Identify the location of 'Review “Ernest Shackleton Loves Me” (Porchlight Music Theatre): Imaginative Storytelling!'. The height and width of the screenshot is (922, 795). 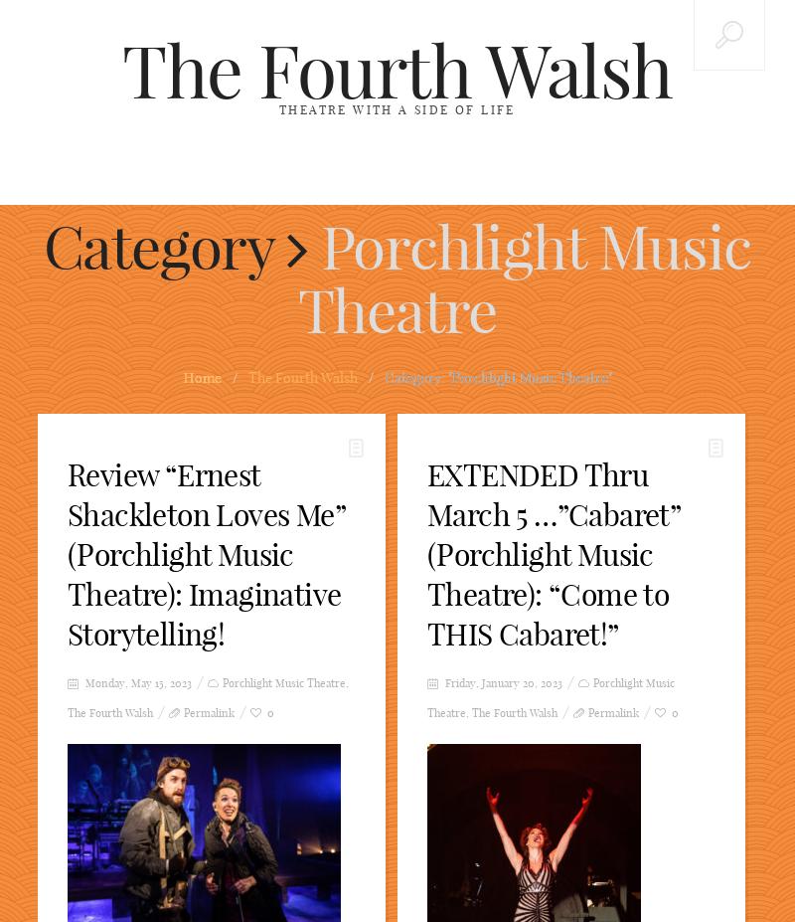
(206, 554).